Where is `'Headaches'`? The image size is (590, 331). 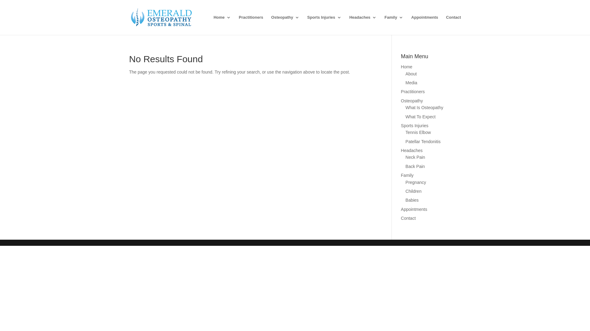
'Headaches' is located at coordinates (349, 25).